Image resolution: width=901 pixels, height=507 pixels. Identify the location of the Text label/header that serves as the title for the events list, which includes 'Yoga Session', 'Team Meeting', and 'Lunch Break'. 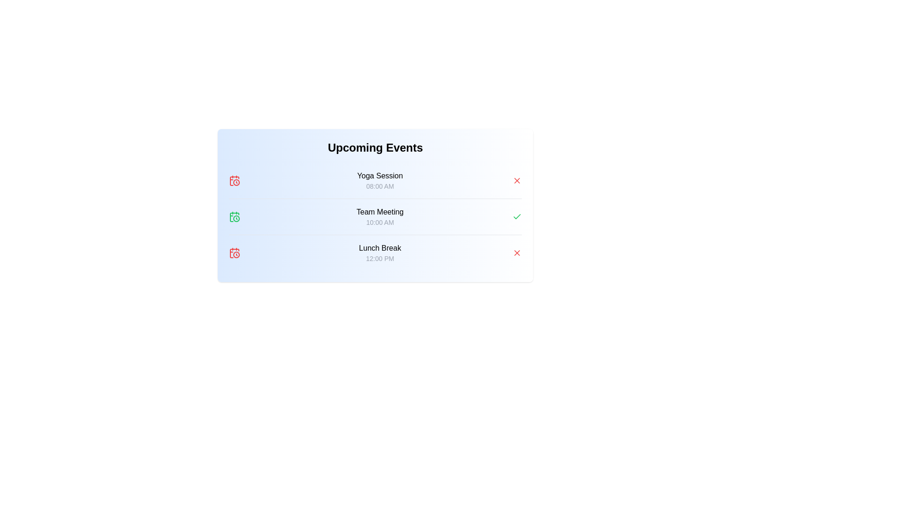
(375, 148).